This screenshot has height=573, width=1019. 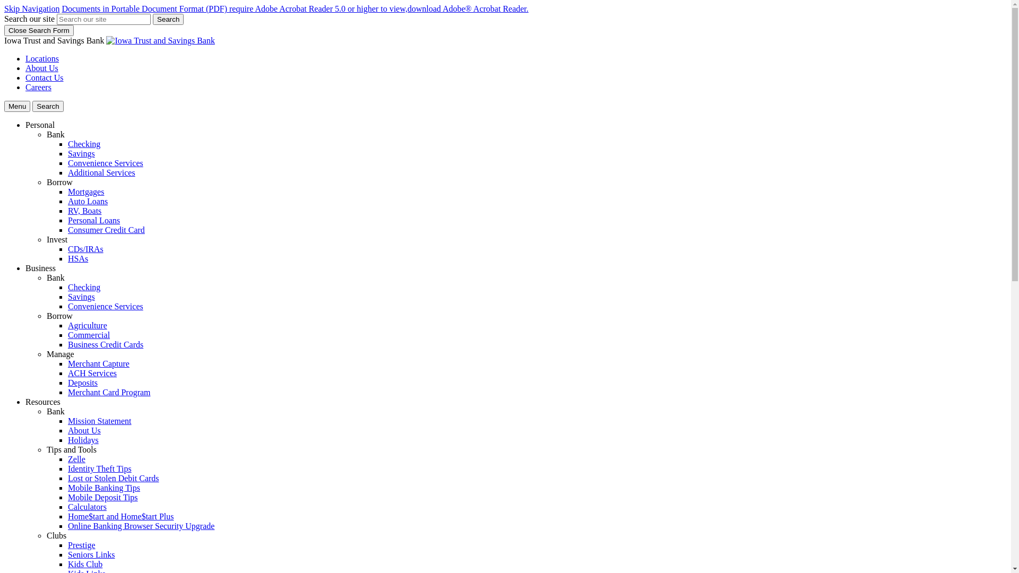 I want to click on 'Prestige', so click(x=81, y=545).